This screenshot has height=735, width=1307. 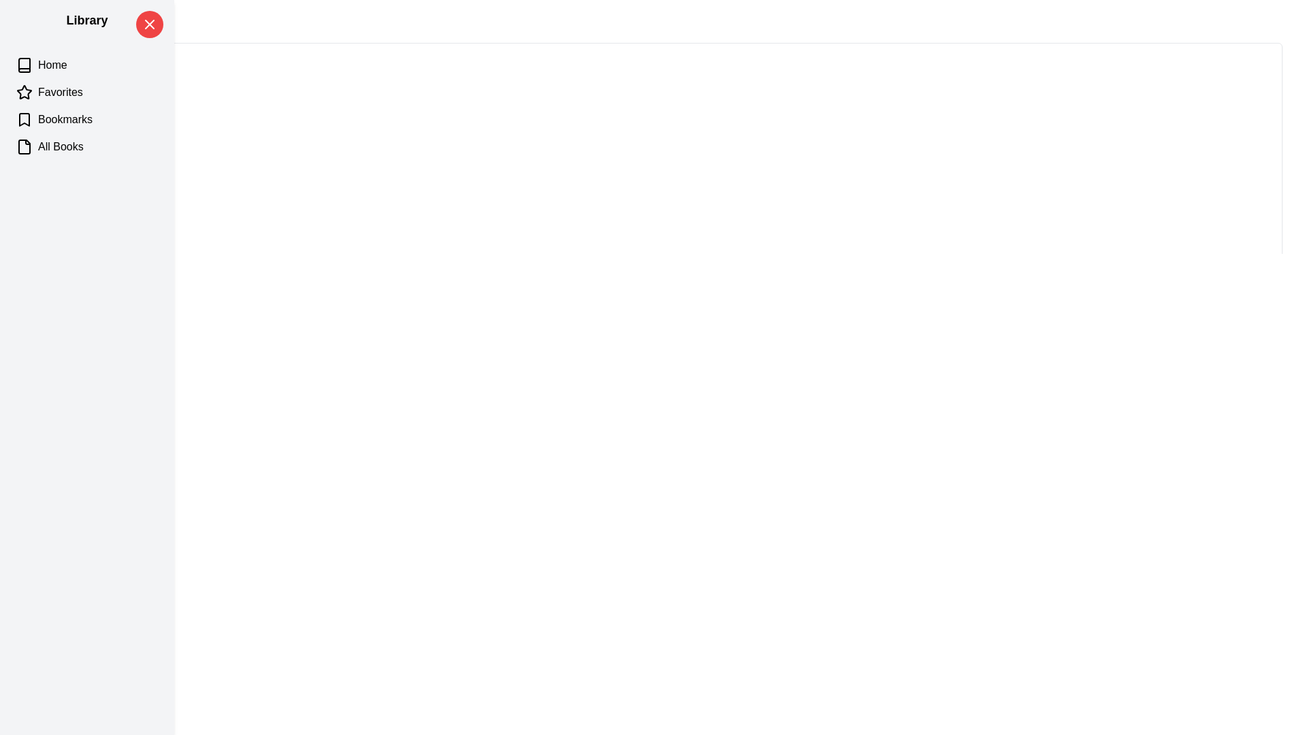 I want to click on the category Bookmarks to highlight it, so click(x=86, y=119).